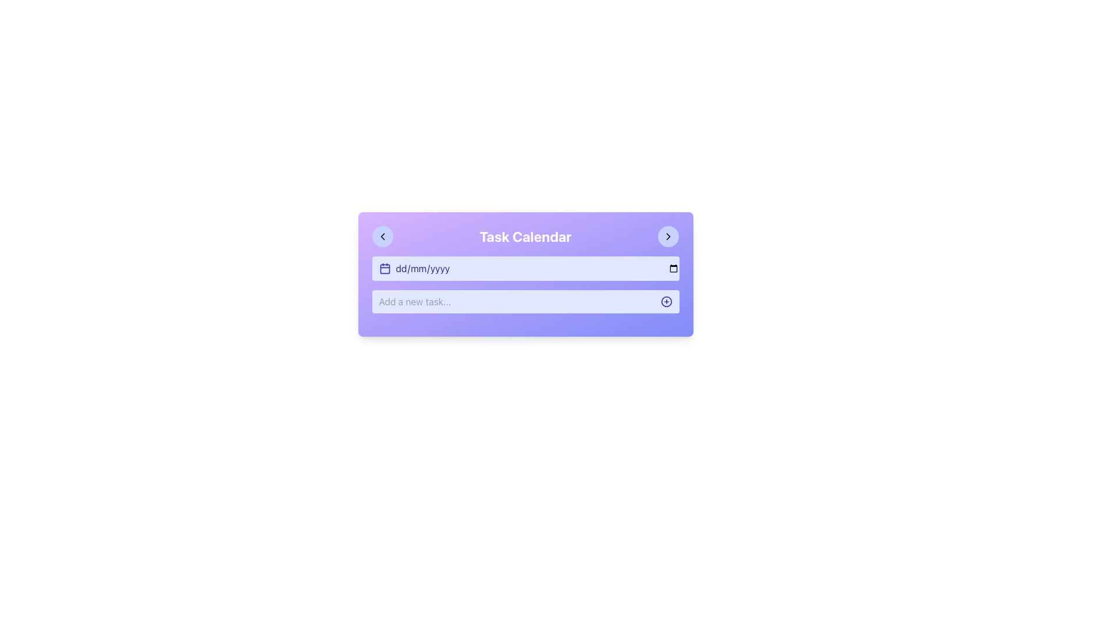 The image size is (1117, 628). I want to click on the circular '+' button styled in indigo, located at the far right of the task entry field for interaction, so click(666, 301).